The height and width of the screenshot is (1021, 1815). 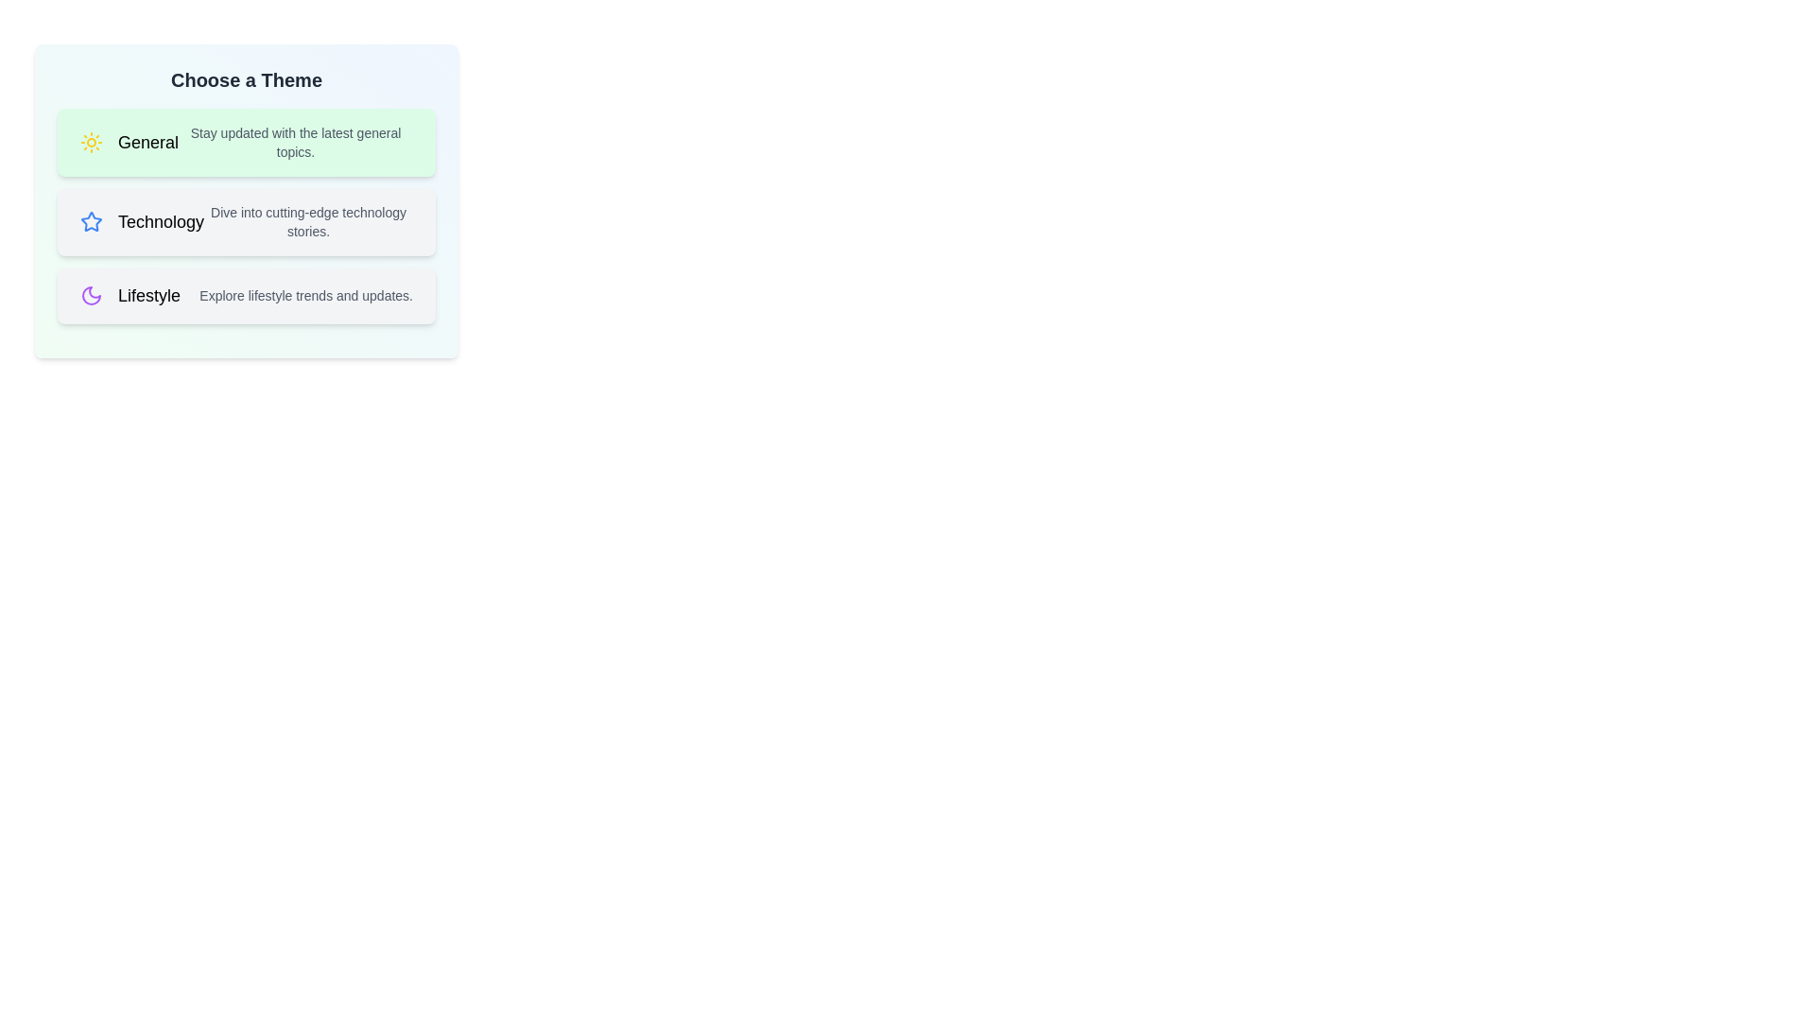 What do you see at coordinates (245, 295) in the screenshot?
I see `the theme Lifestyle from the list` at bounding box center [245, 295].